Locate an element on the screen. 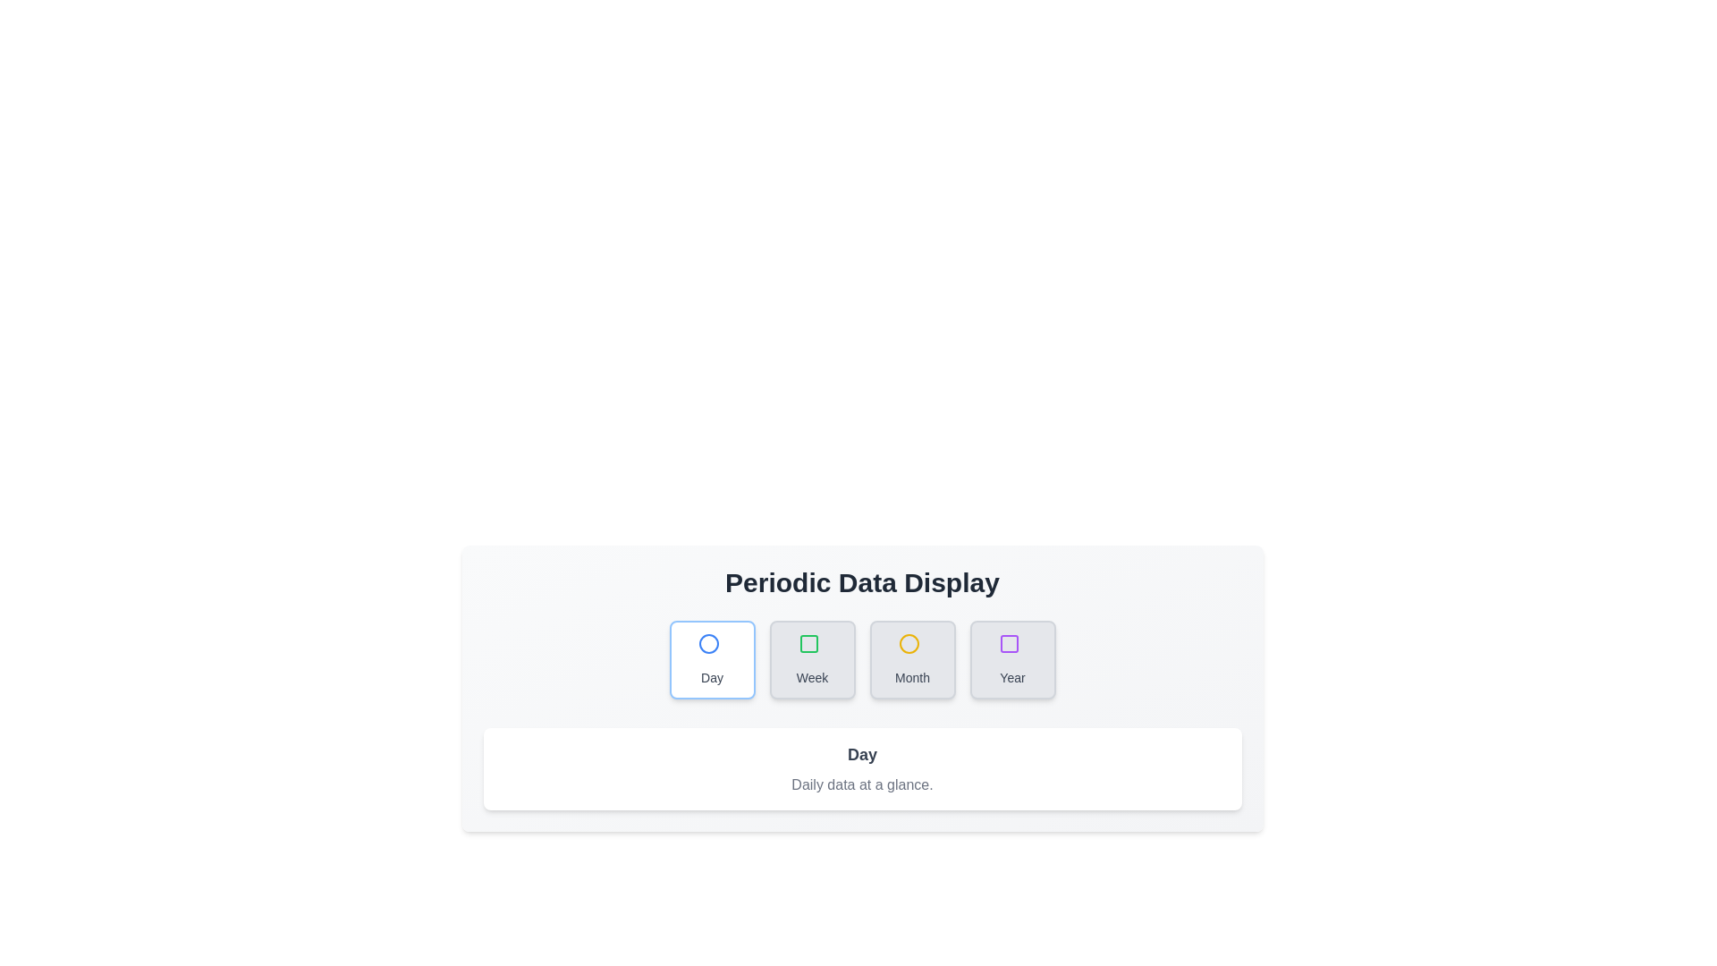  the 'Month' button is located at coordinates (912, 659).